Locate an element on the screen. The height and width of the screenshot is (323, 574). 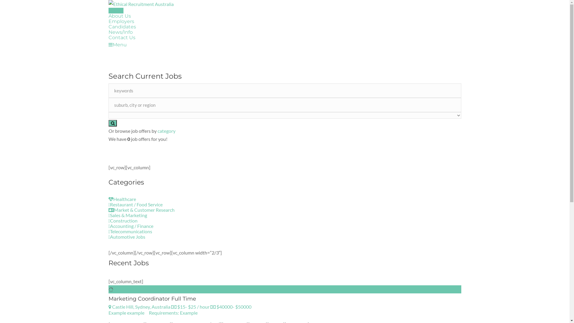
'Market & Customer Research' is located at coordinates (108, 209).